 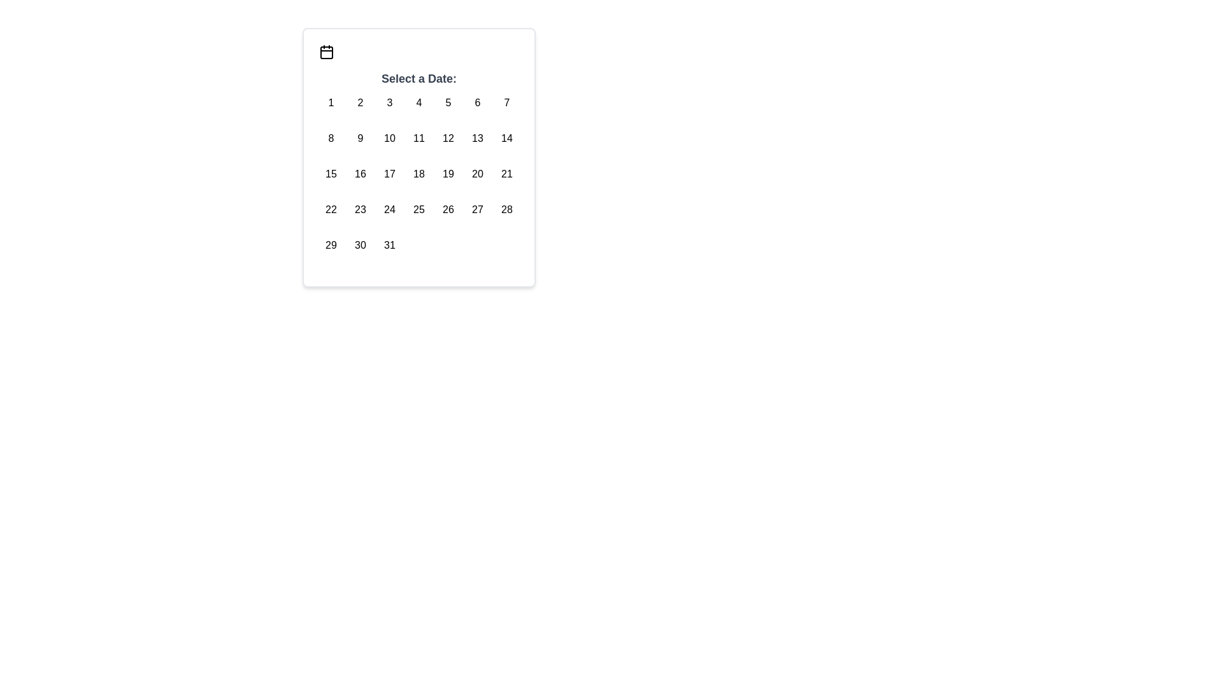 I want to click on the eleventh day button in the calendar interface, so click(x=418, y=139).